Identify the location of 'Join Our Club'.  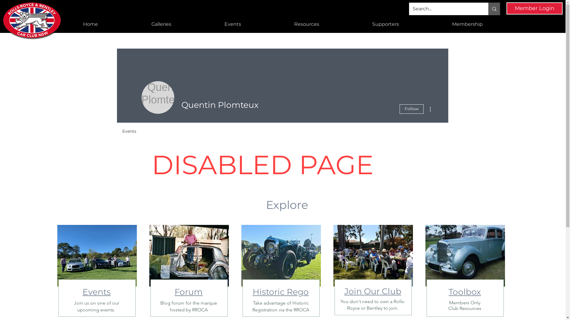
(344, 291).